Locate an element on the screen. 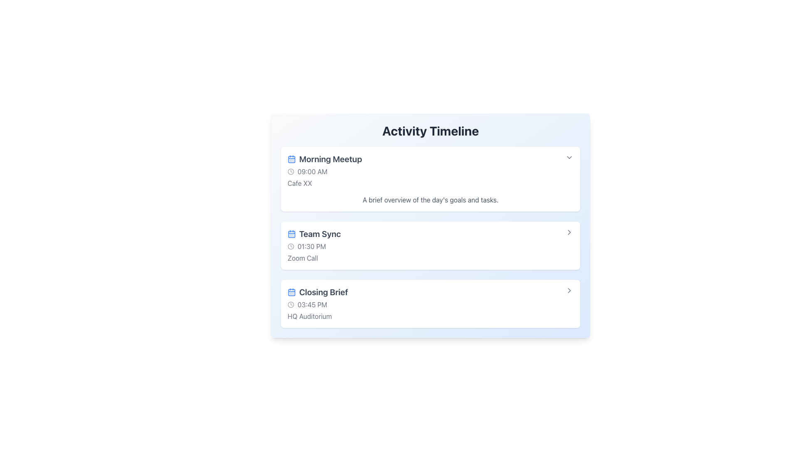 This screenshot has width=798, height=449. the circular SVG shape with a gray stroke located to the left of the text '09:00 AM' in the 'Morning Meetup' block is located at coordinates (291, 246).